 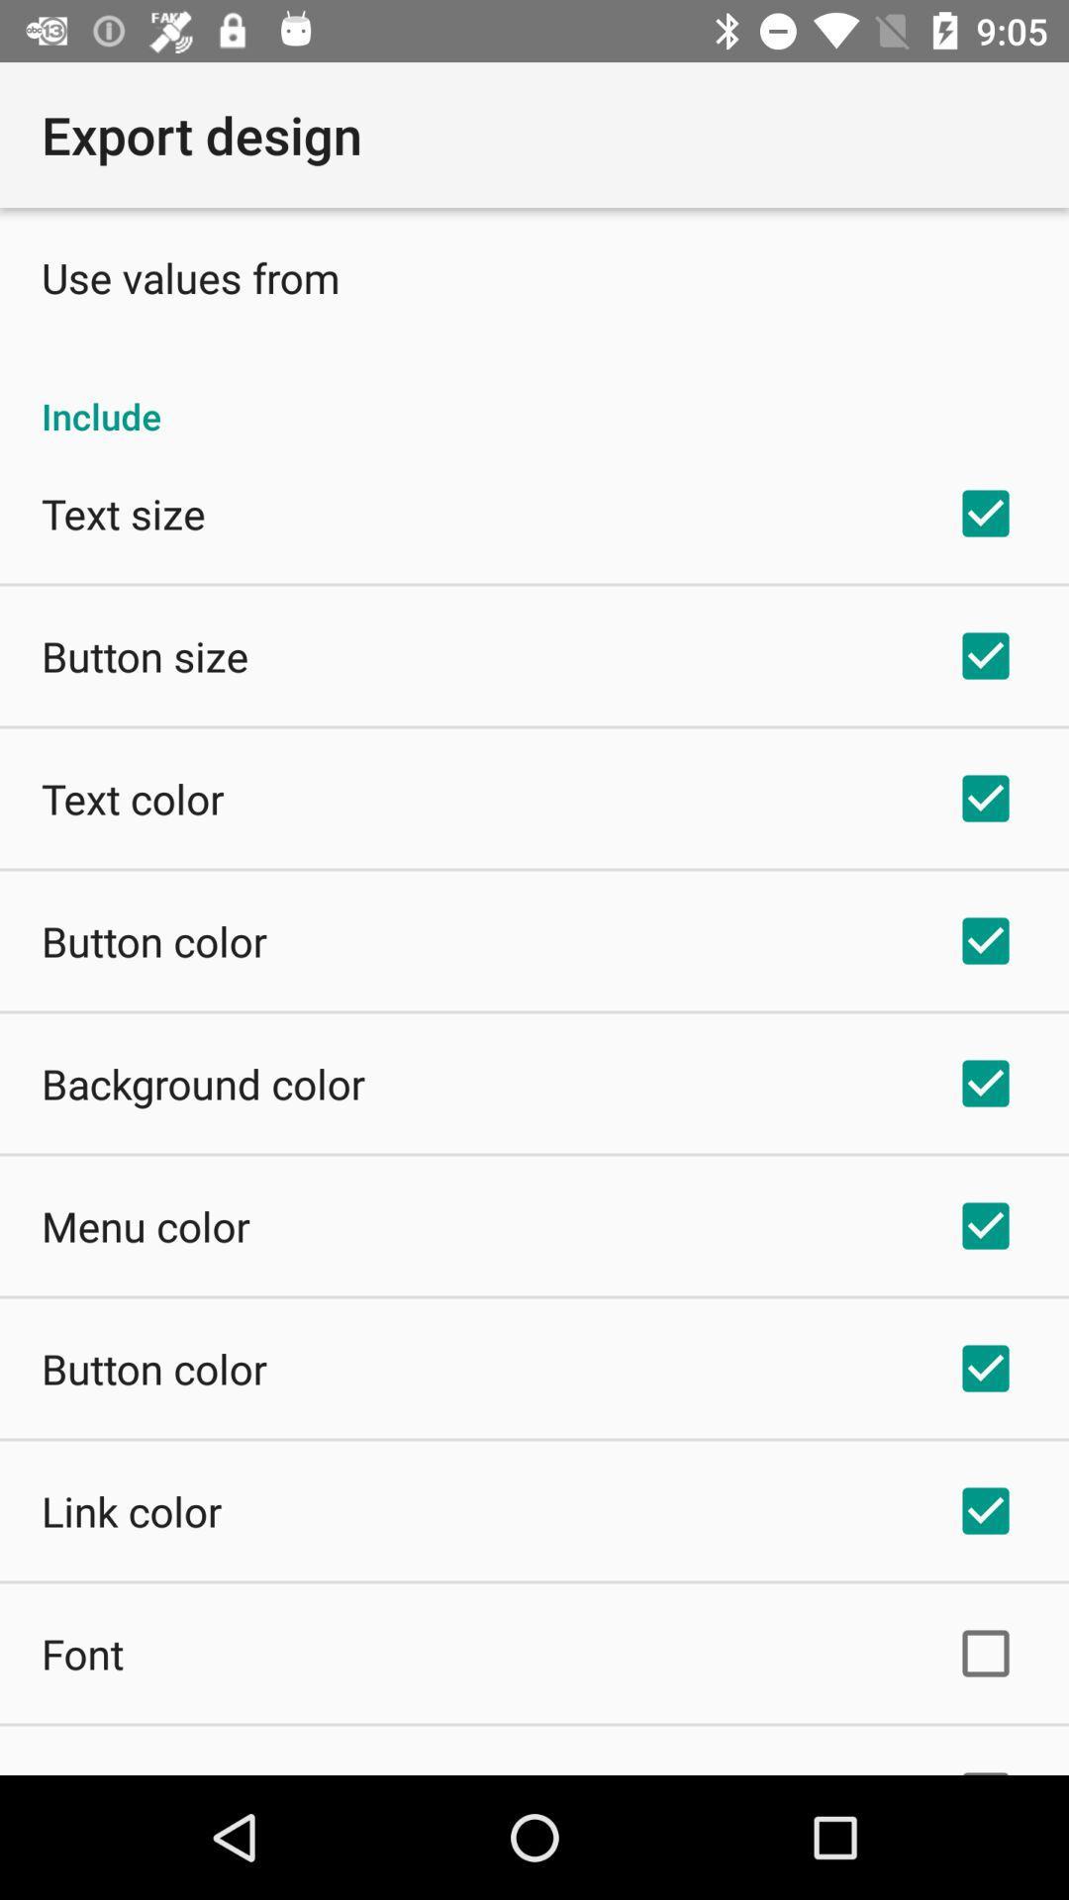 I want to click on the text color, so click(x=133, y=798).